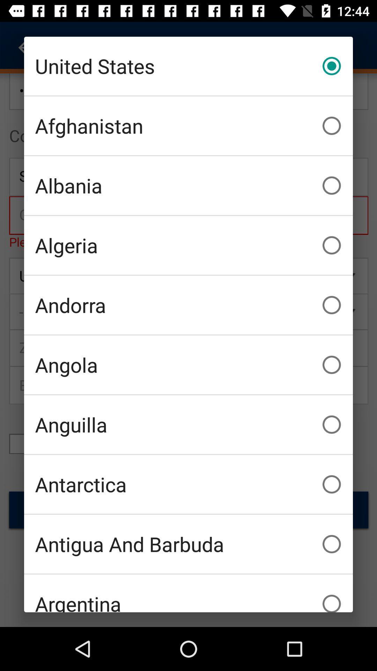 This screenshot has height=671, width=377. What do you see at coordinates (188, 305) in the screenshot?
I see `icon below algeria` at bounding box center [188, 305].